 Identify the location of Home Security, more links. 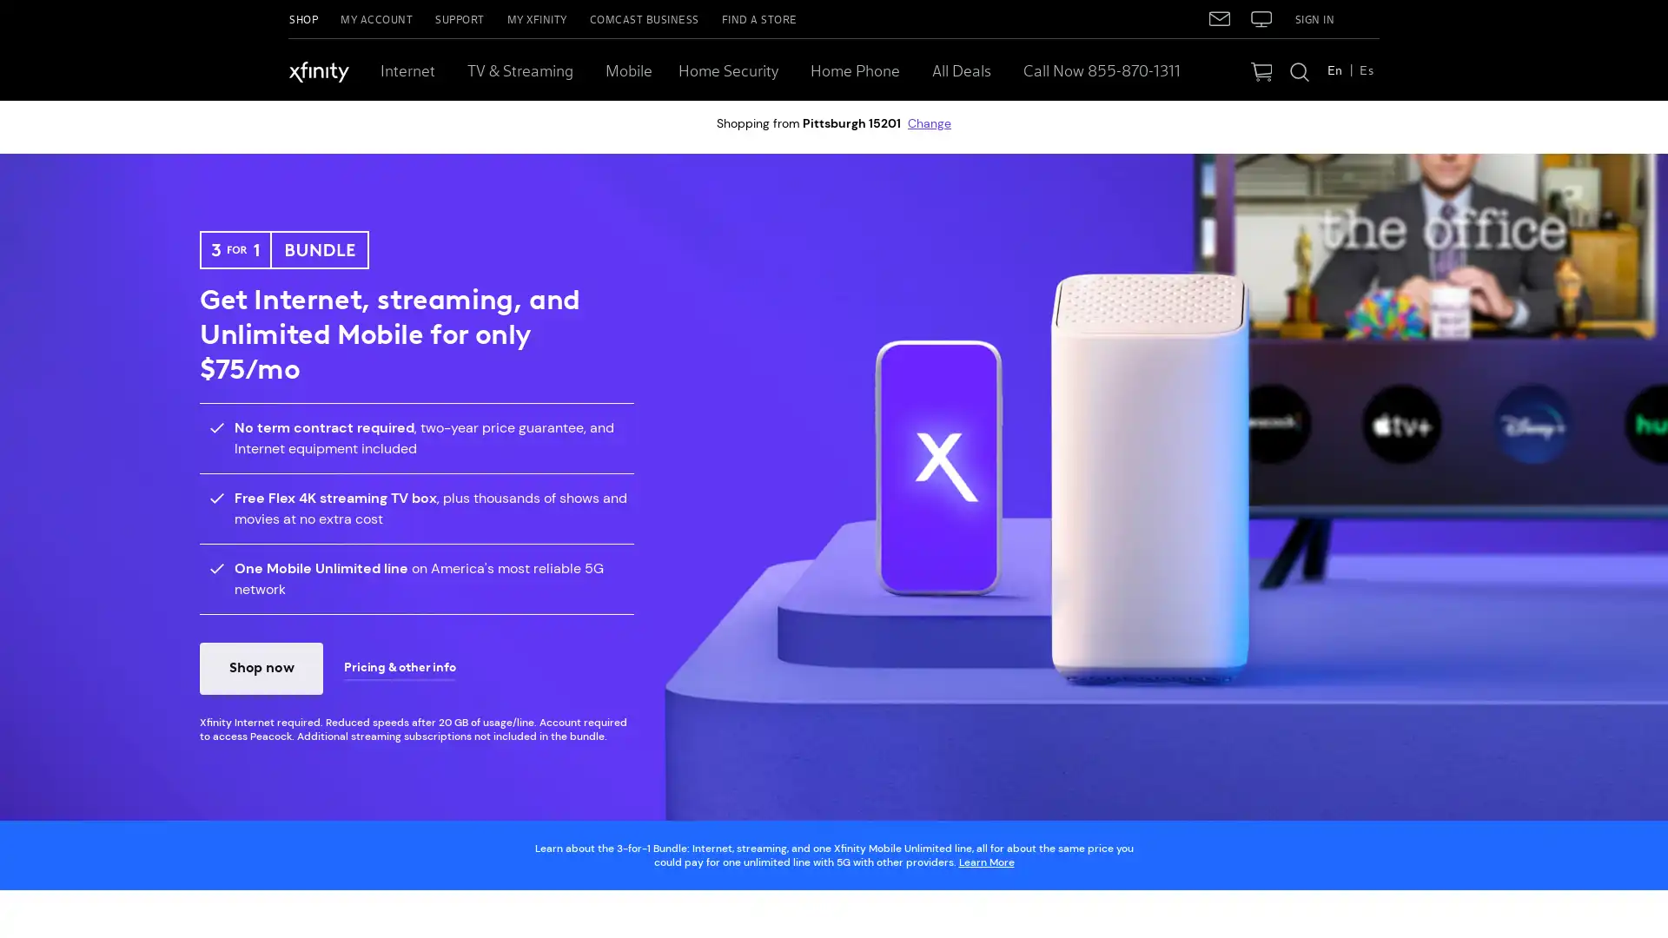
(789, 67).